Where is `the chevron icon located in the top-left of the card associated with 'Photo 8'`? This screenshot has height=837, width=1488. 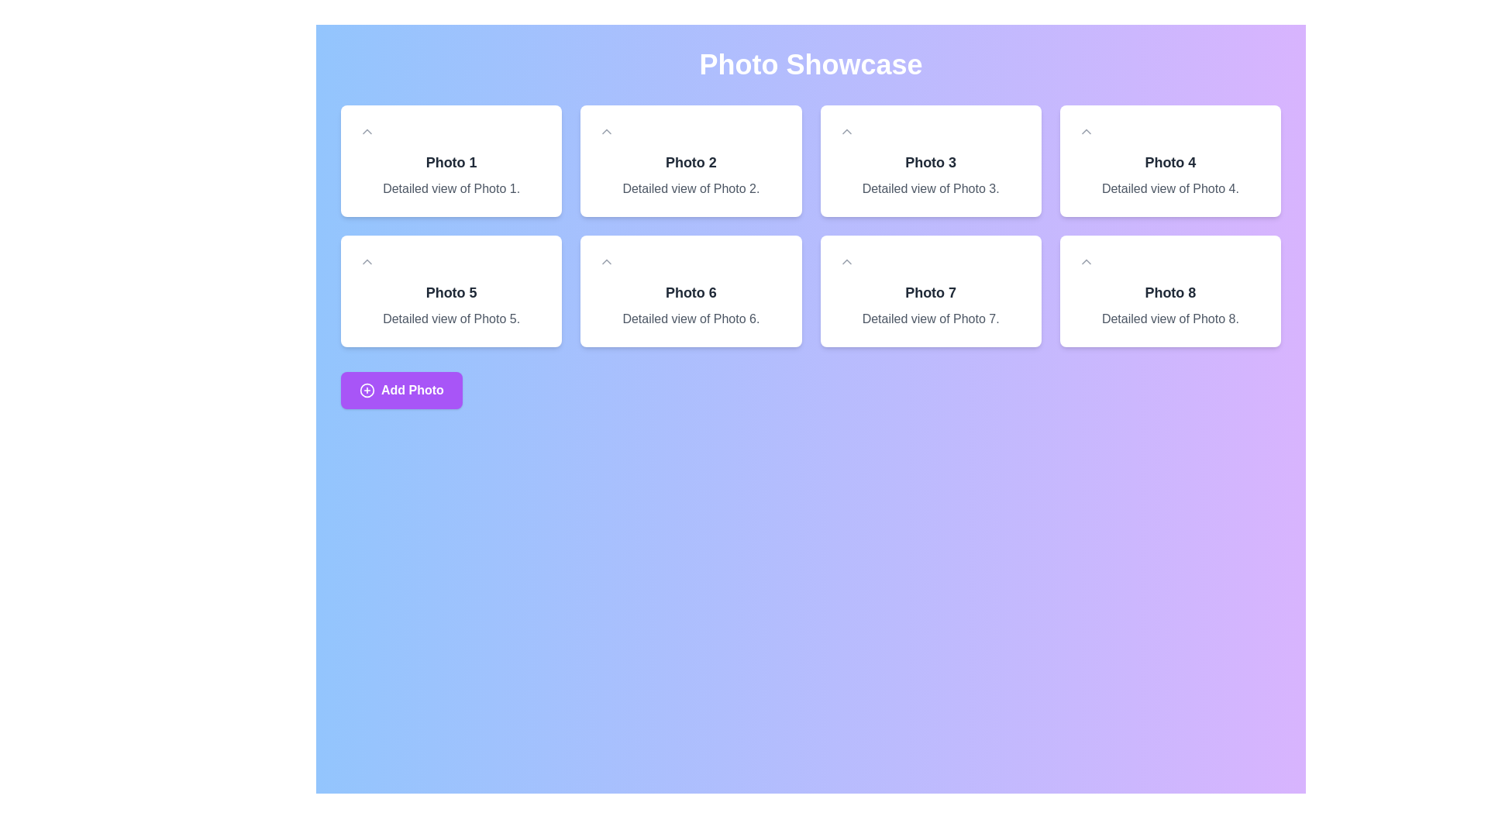 the chevron icon located in the top-left of the card associated with 'Photo 8' is located at coordinates (1085, 261).